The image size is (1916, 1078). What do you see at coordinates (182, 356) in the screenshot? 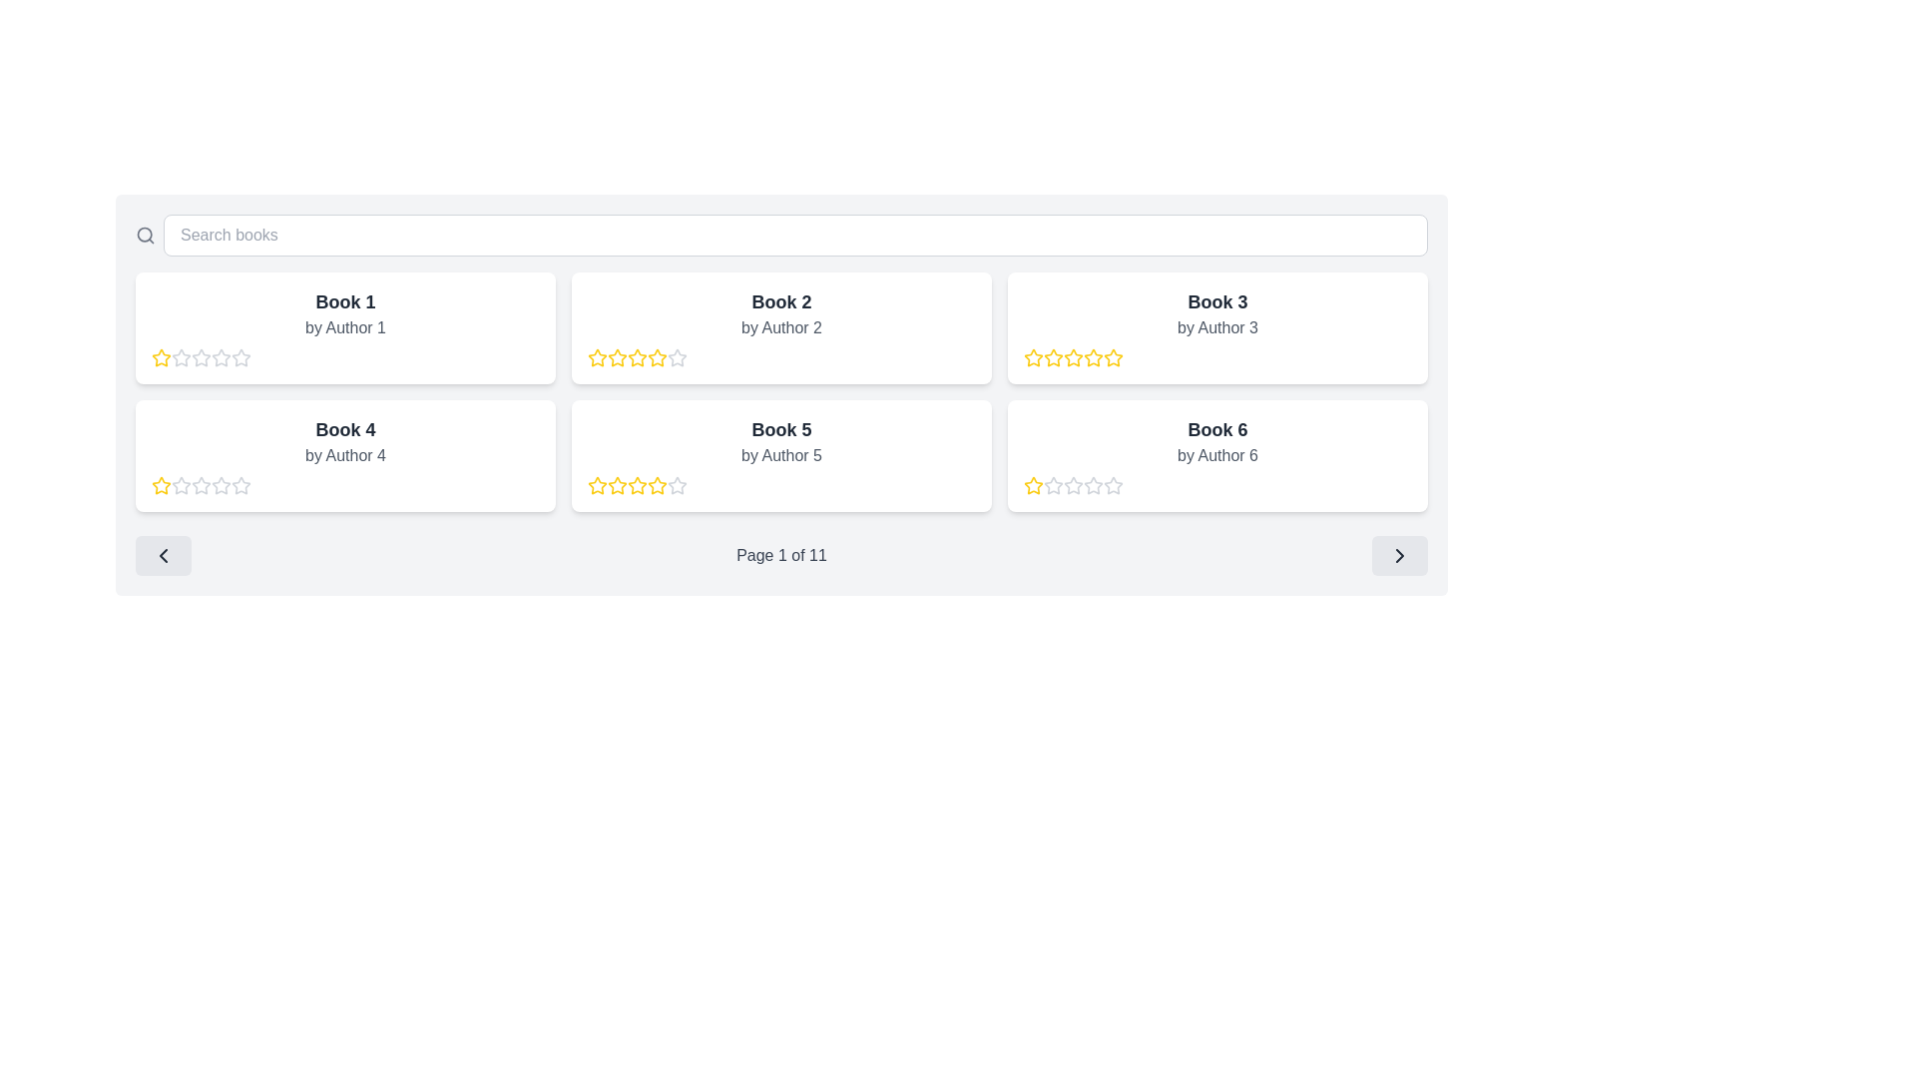
I see `the leftmost star icon of the rating widget located below the title 'Book 1' and subtitle 'by Author 1' in the first card of the top row of the grid layout` at bounding box center [182, 356].